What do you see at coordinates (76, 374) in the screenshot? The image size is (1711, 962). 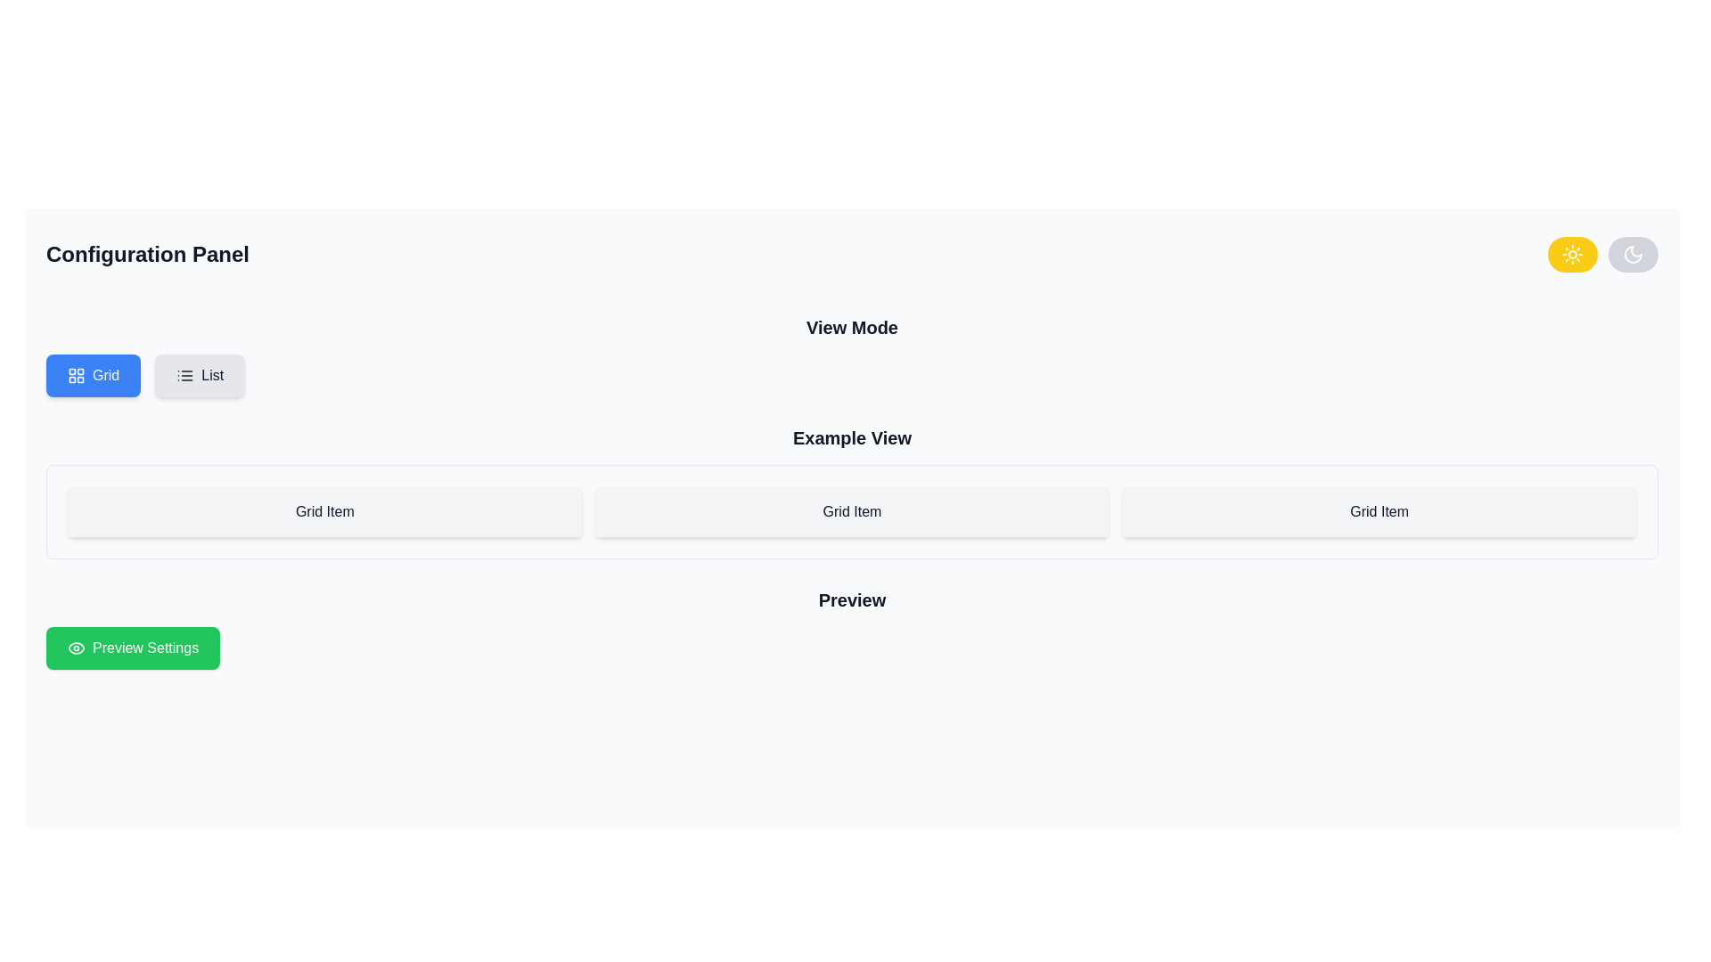 I see `the grid icon, which is a 2x2 layout of four small square cells with rounded corners, located on the blue 'Grid' button` at bounding box center [76, 374].